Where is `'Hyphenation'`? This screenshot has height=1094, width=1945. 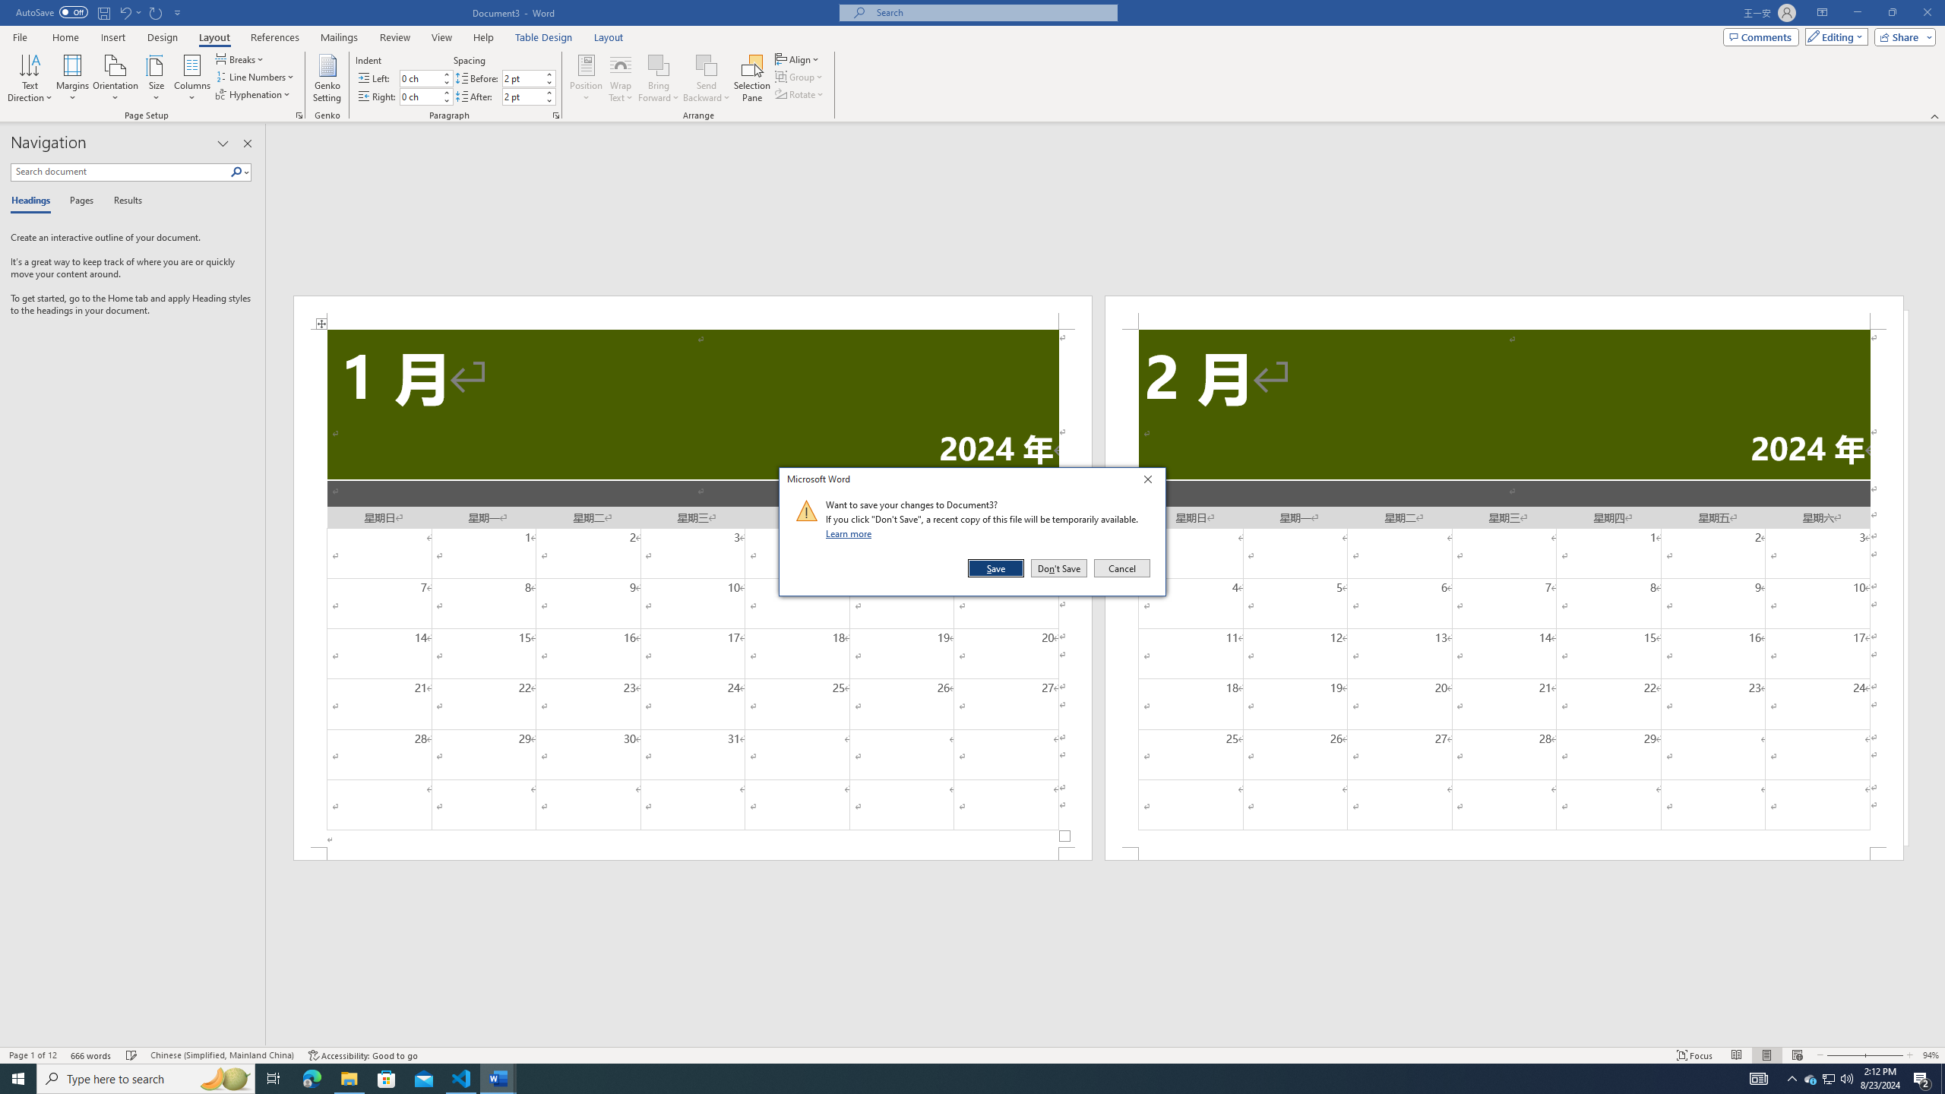
'Hyphenation' is located at coordinates (254, 93).